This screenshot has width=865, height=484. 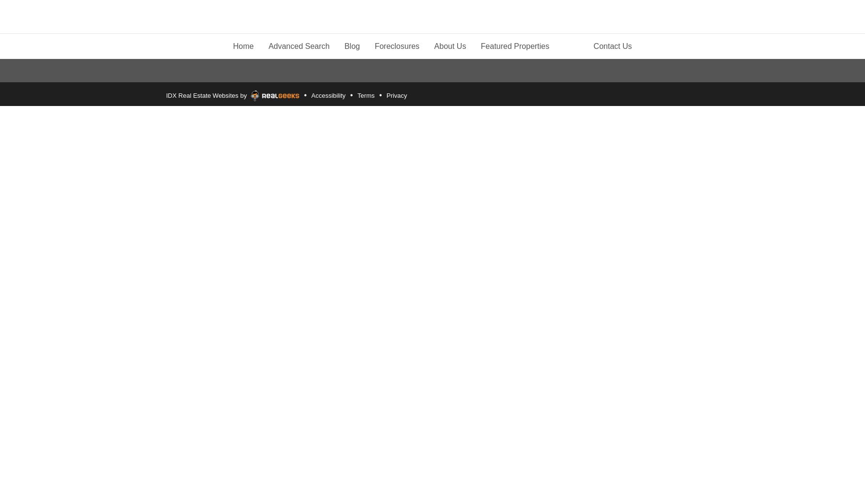 What do you see at coordinates (365, 95) in the screenshot?
I see `'Terms'` at bounding box center [365, 95].